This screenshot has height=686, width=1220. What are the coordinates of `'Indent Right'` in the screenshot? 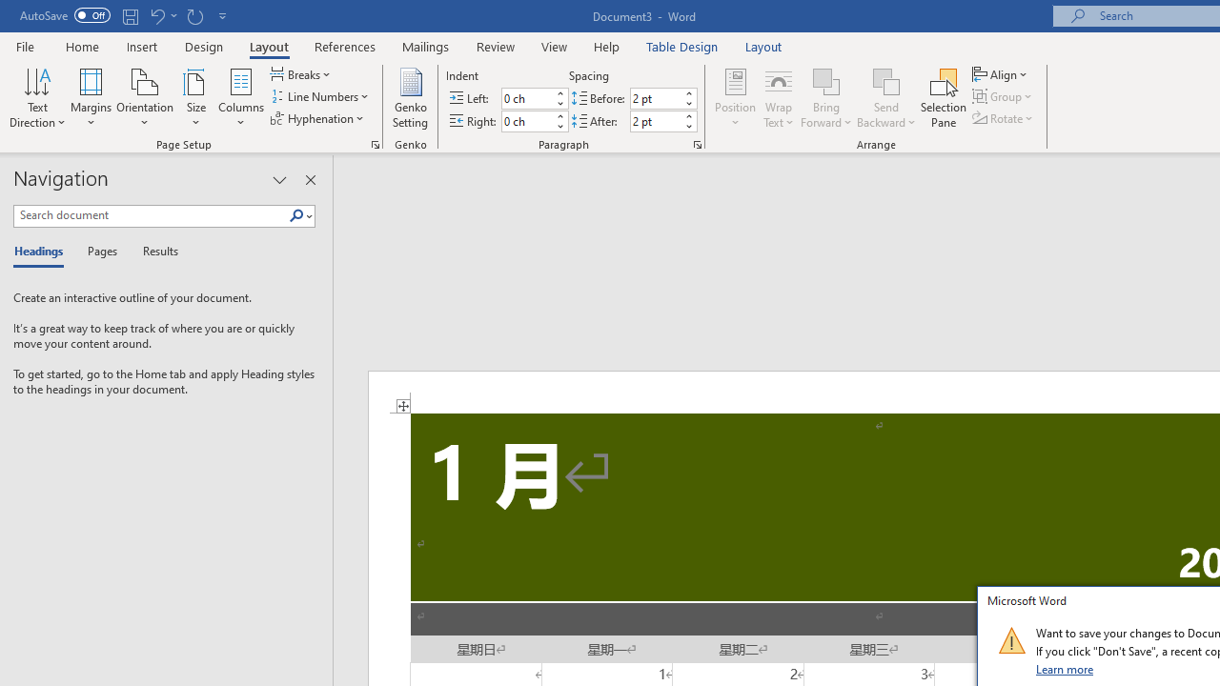 It's located at (526, 121).